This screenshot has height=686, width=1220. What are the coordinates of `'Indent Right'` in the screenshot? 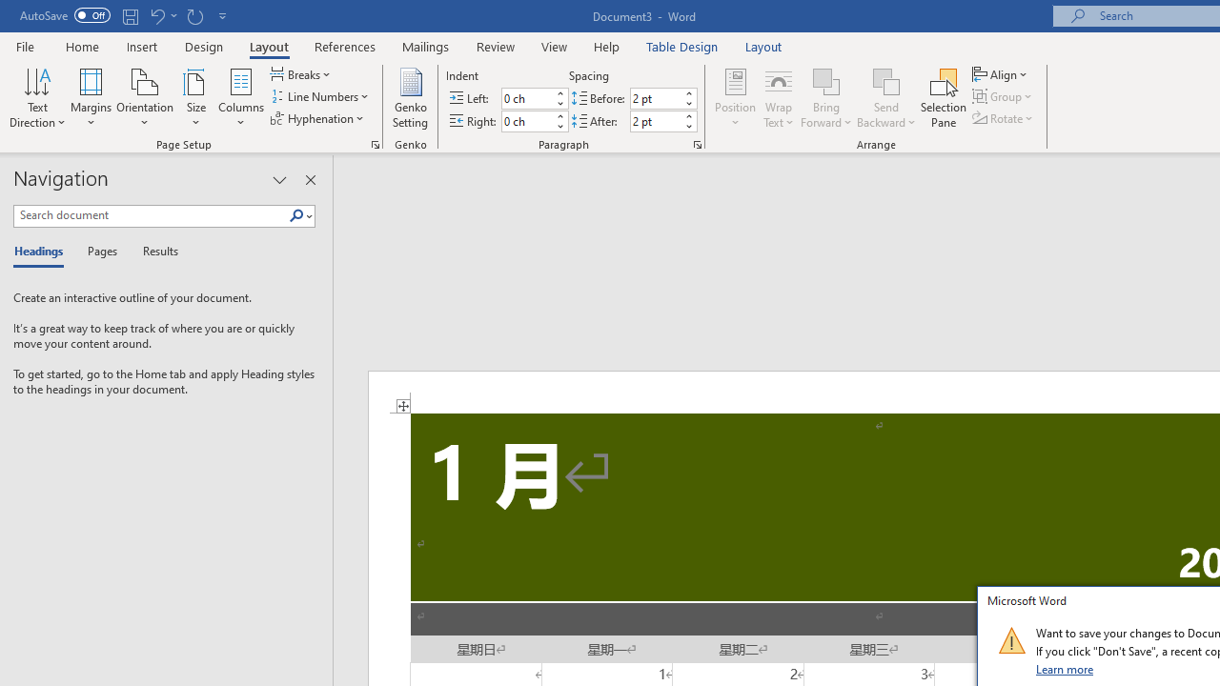 It's located at (526, 121).